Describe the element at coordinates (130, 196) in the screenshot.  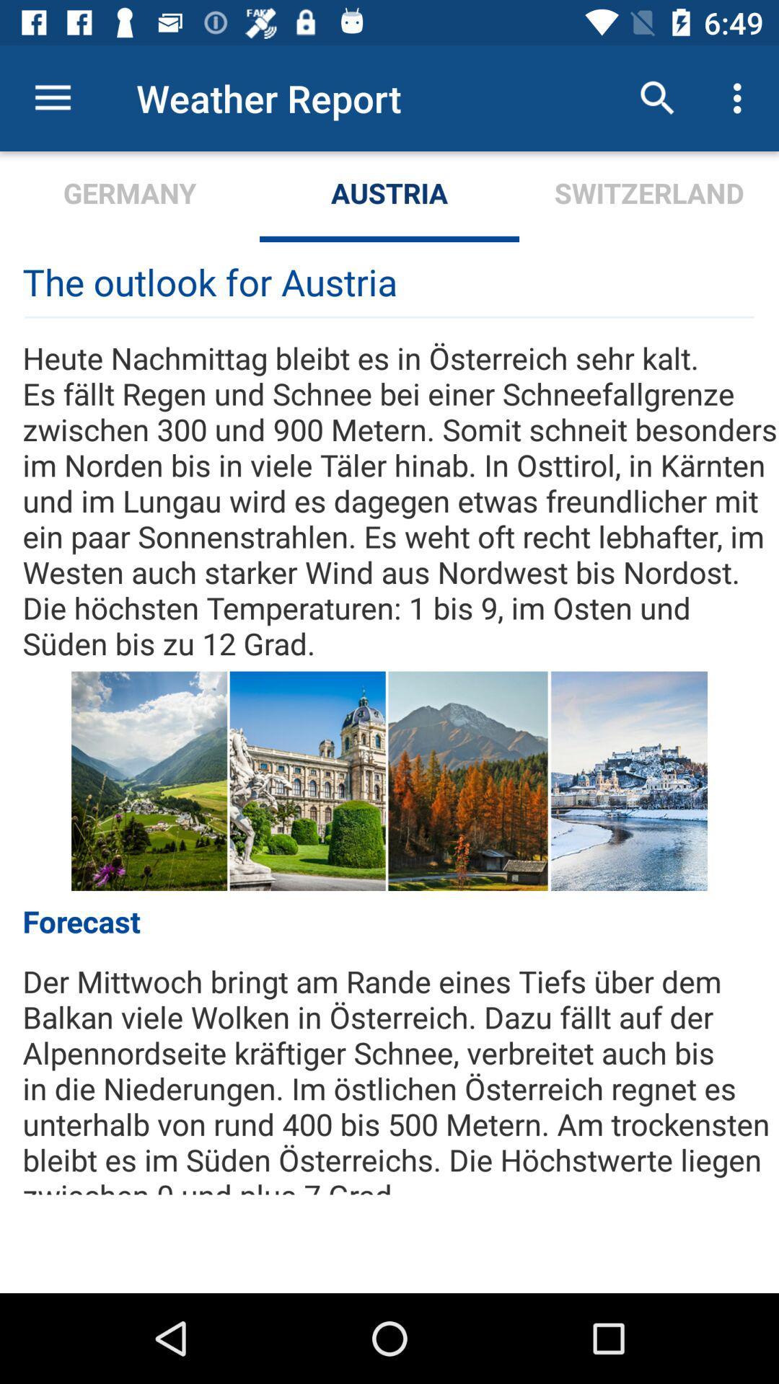
I see `germany item` at that location.